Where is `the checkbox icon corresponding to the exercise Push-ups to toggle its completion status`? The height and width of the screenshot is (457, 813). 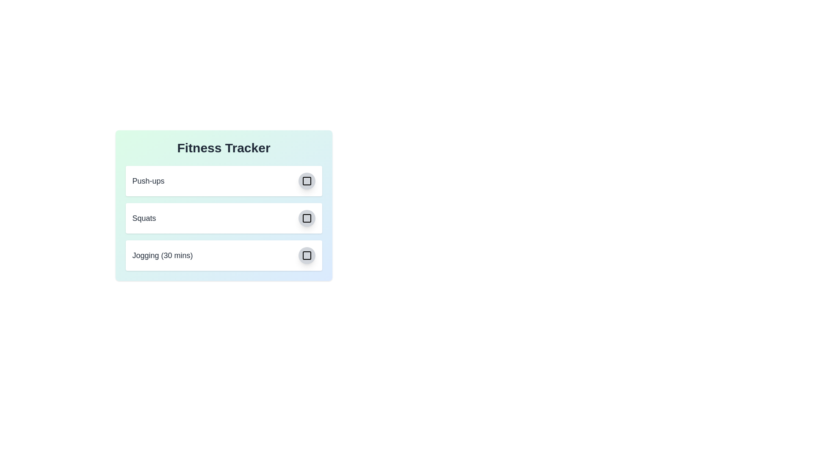
the checkbox icon corresponding to the exercise Push-ups to toggle its completion status is located at coordinates (306, 181).